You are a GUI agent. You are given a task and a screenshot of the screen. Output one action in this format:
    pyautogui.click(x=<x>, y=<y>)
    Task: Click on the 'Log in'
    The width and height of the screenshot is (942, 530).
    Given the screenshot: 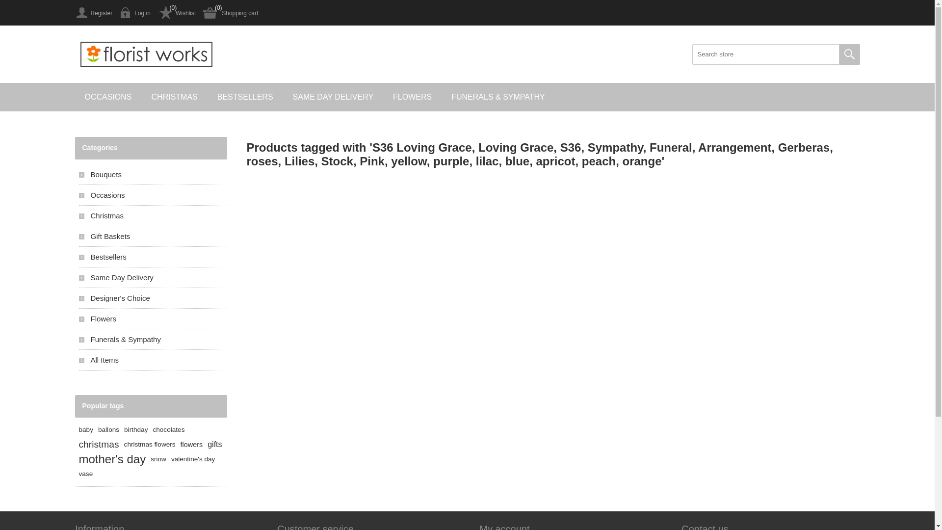 What is the action you would take?
    pyautogui.click(x=119, y=13)
    